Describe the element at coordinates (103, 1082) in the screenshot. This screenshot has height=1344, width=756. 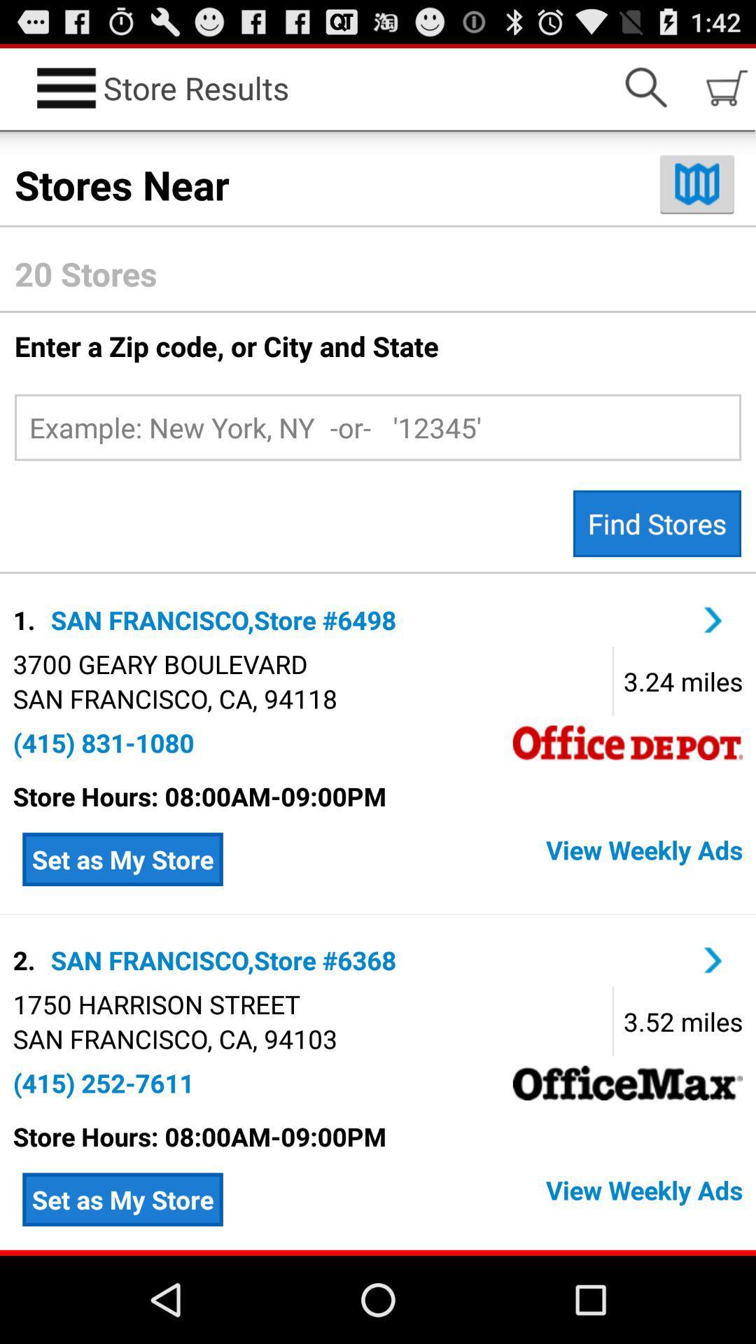
I see `the text which is immediately below san franciscoca94103` at that location.